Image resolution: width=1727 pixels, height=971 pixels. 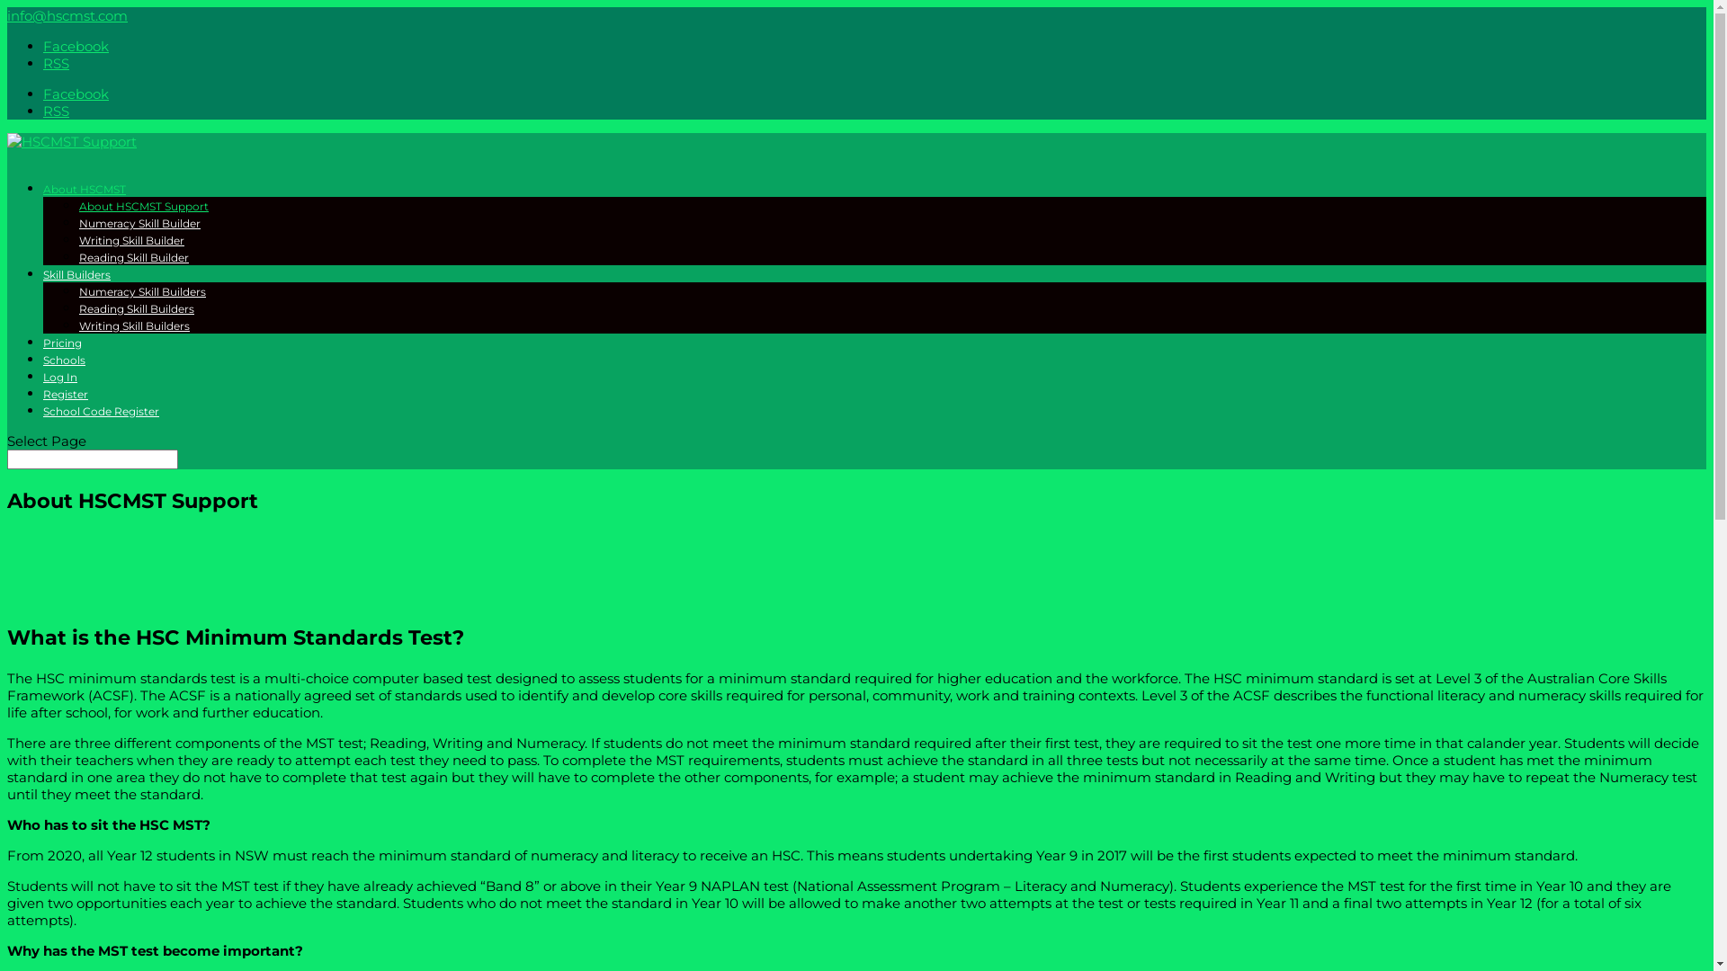 I want to click on 'Numeracy Skill Builders', so click(x=77, y=290).